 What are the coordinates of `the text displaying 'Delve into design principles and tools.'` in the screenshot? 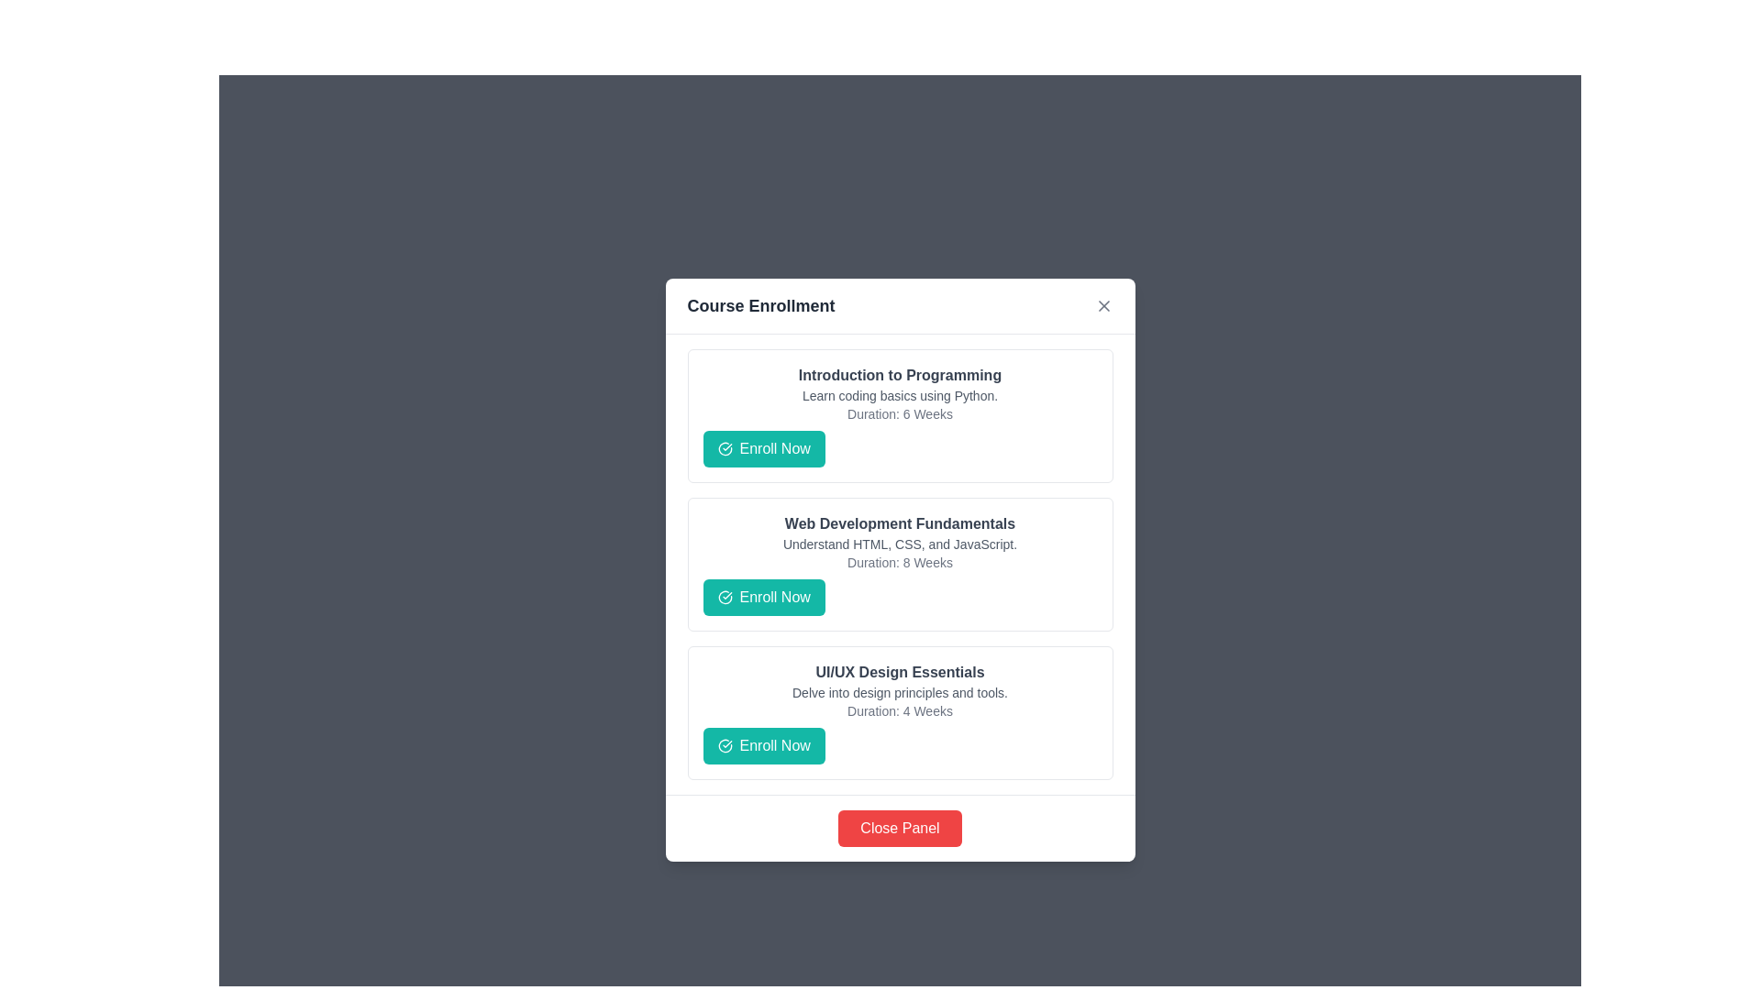 It's located at (900, 693).